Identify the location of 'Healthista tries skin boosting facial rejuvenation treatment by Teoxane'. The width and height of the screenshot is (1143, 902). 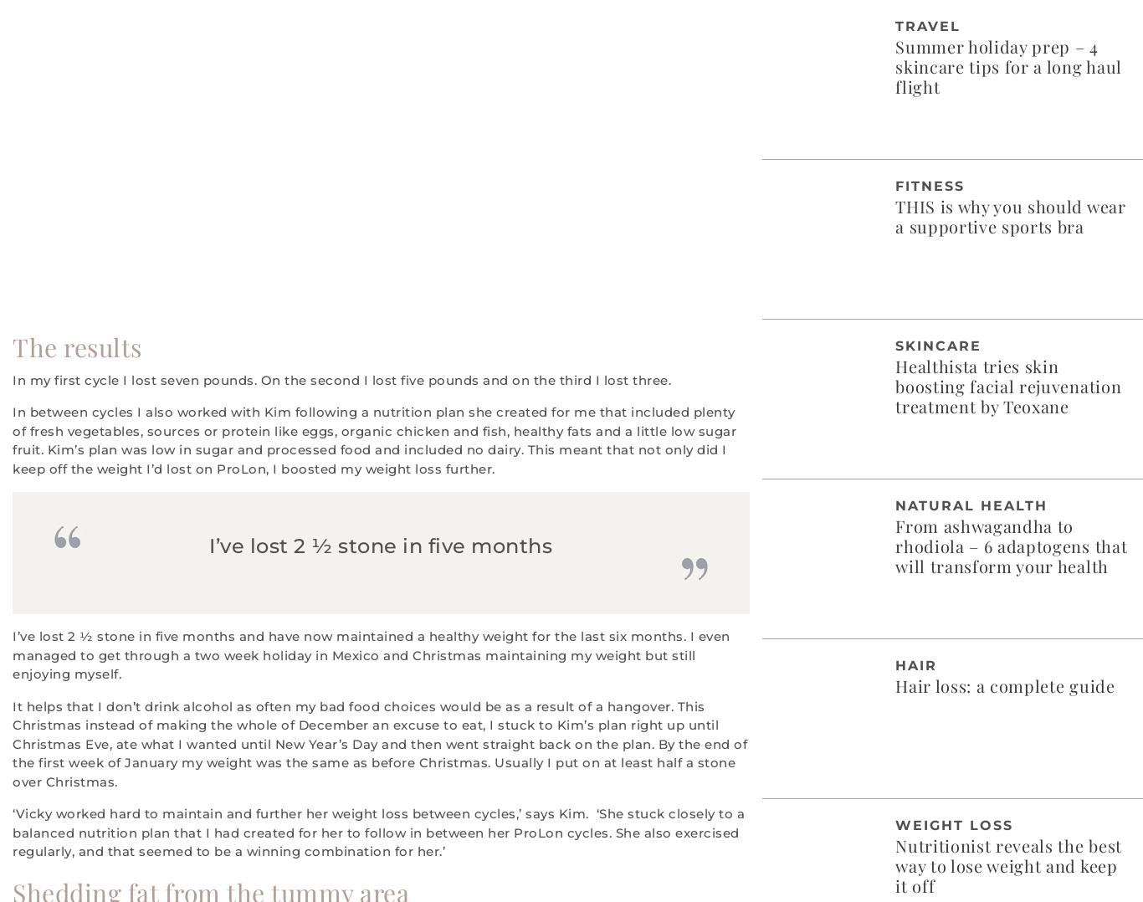
(1007, 385).